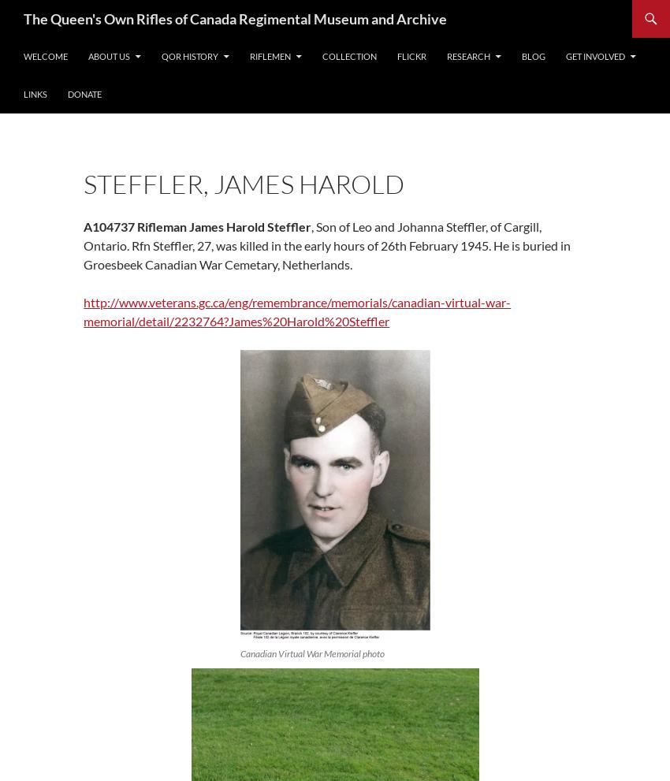  I want to click on 'Links', so click(35, 93).